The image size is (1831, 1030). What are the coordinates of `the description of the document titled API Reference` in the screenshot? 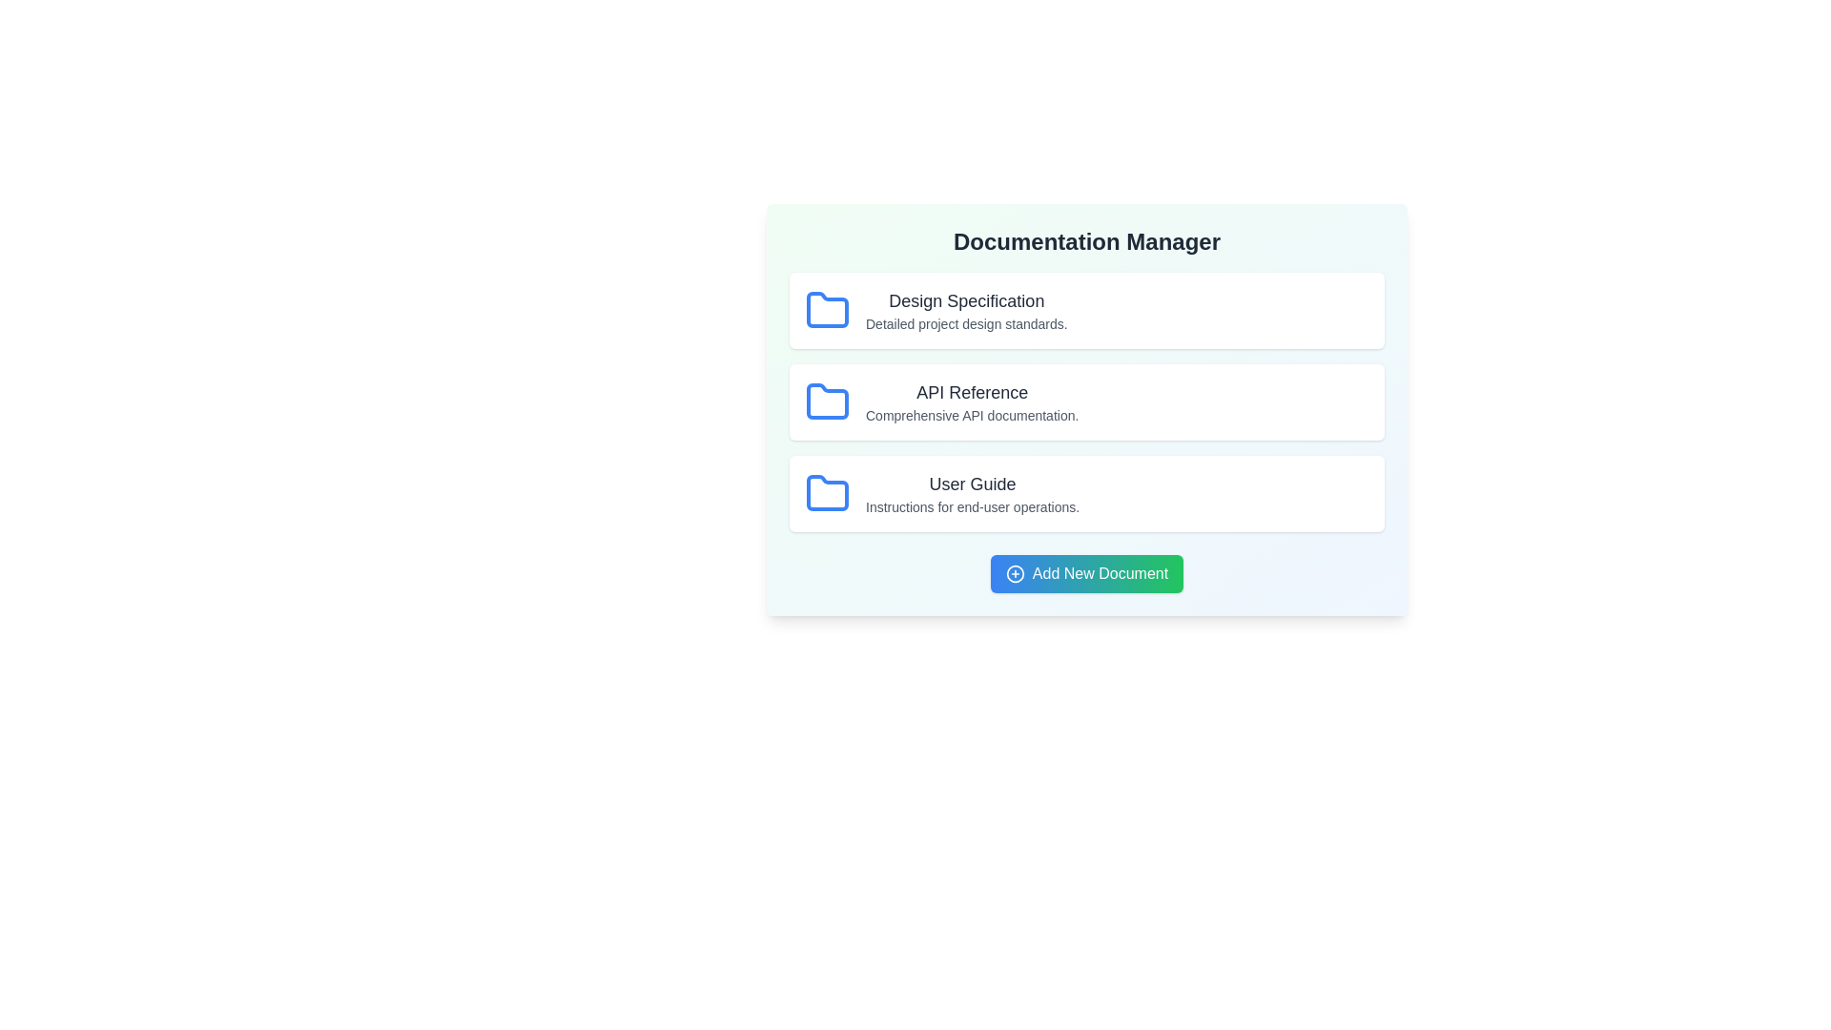 It's located at (972, 414).